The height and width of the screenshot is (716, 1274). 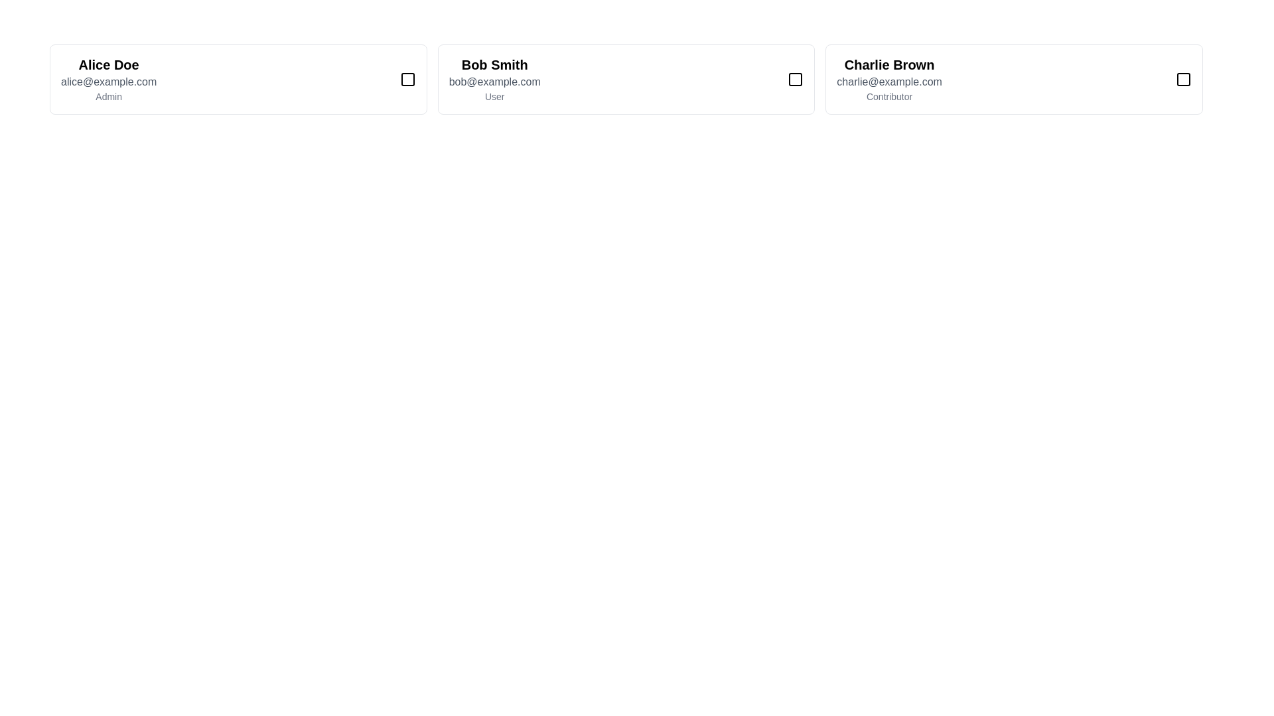 What do you see at coordinates (889, 64) in the screenshot?
I see `the Text Display element that shows the name 'Charlie Brown' in bold, large font` at bounding box center [889, 64].